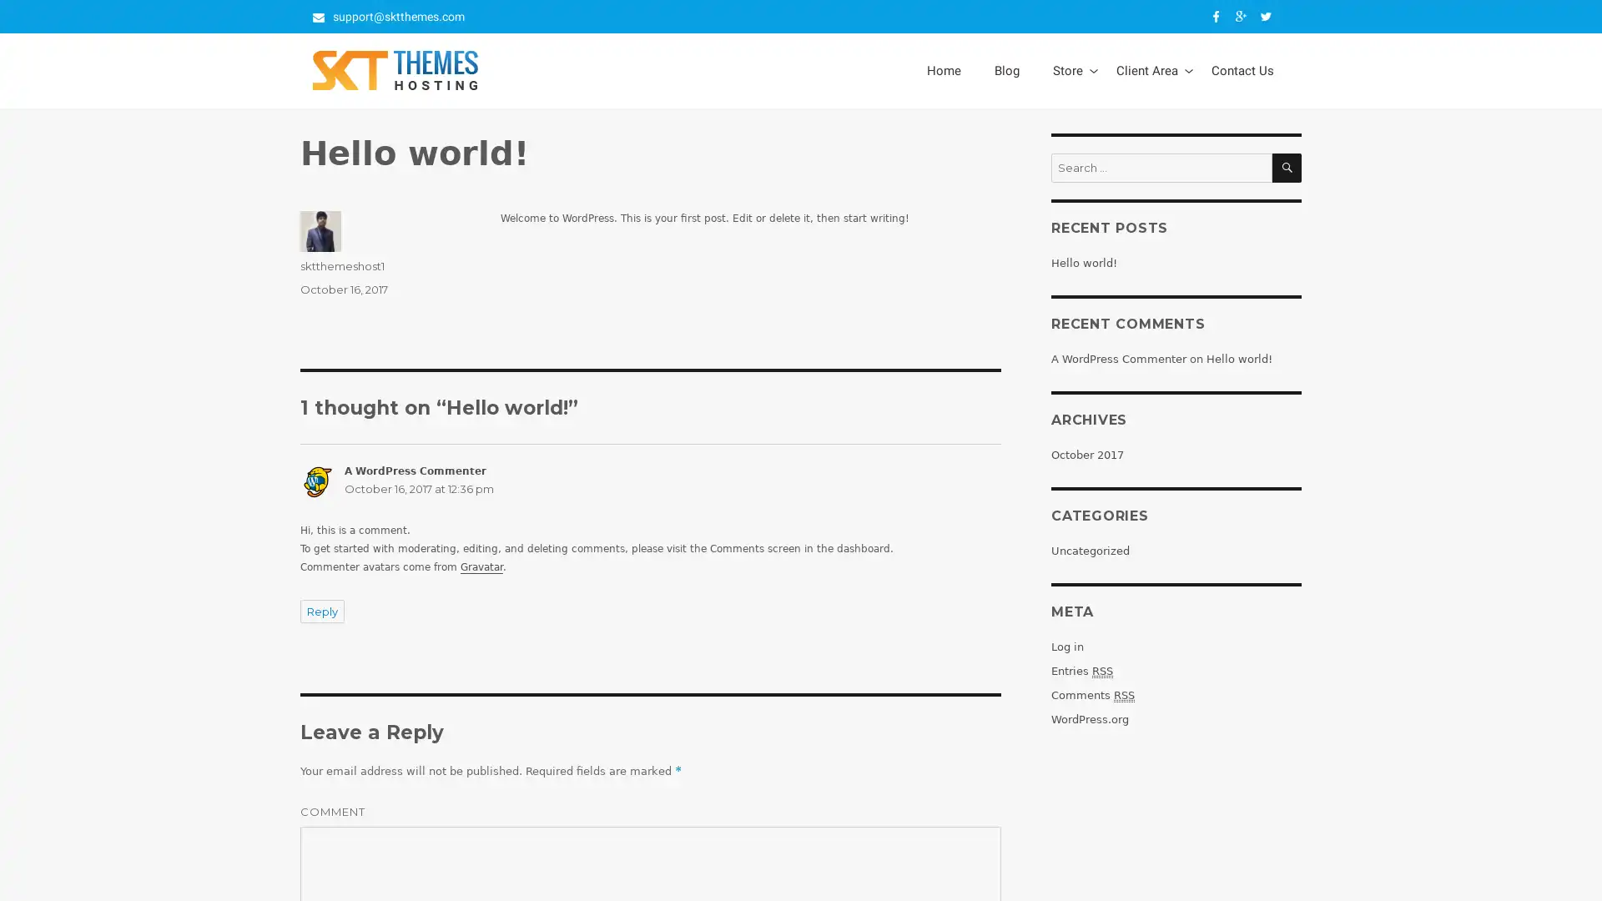 The image size is (1602, 901). I want to click on SEARCH, so click(1286, 168).